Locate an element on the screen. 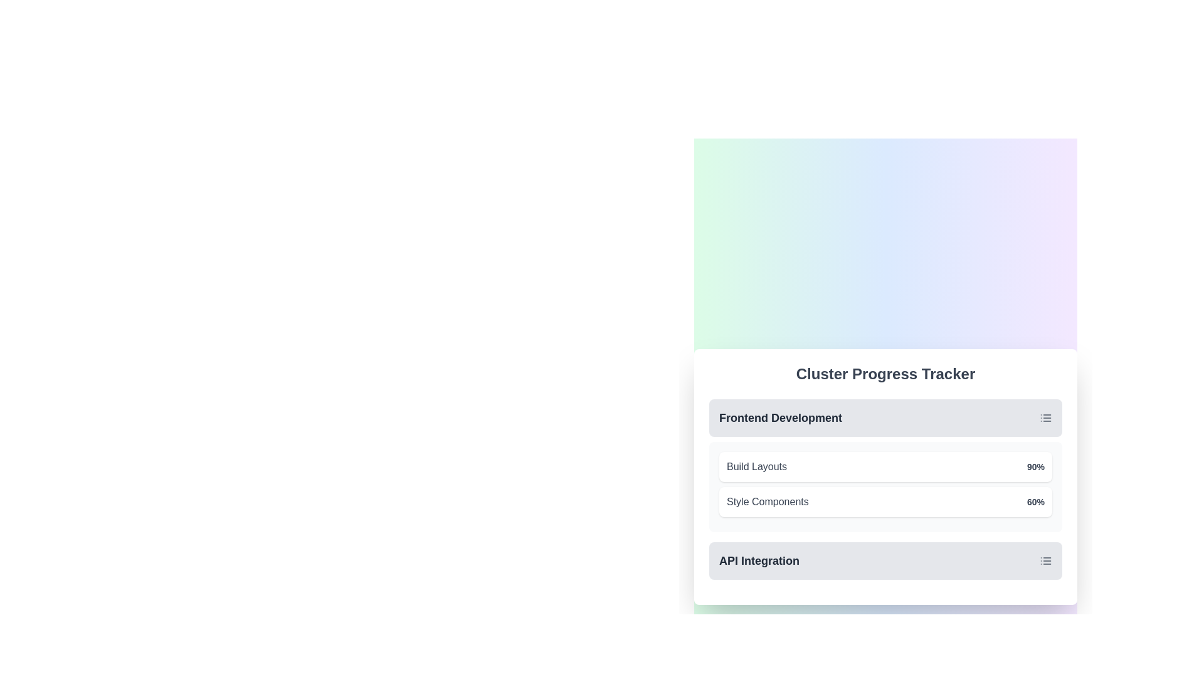  percentage value '90%' displayed in bold gray text next to the 'Build Layouts' label within the progress tracker card is located at coordinates (1033, 466).